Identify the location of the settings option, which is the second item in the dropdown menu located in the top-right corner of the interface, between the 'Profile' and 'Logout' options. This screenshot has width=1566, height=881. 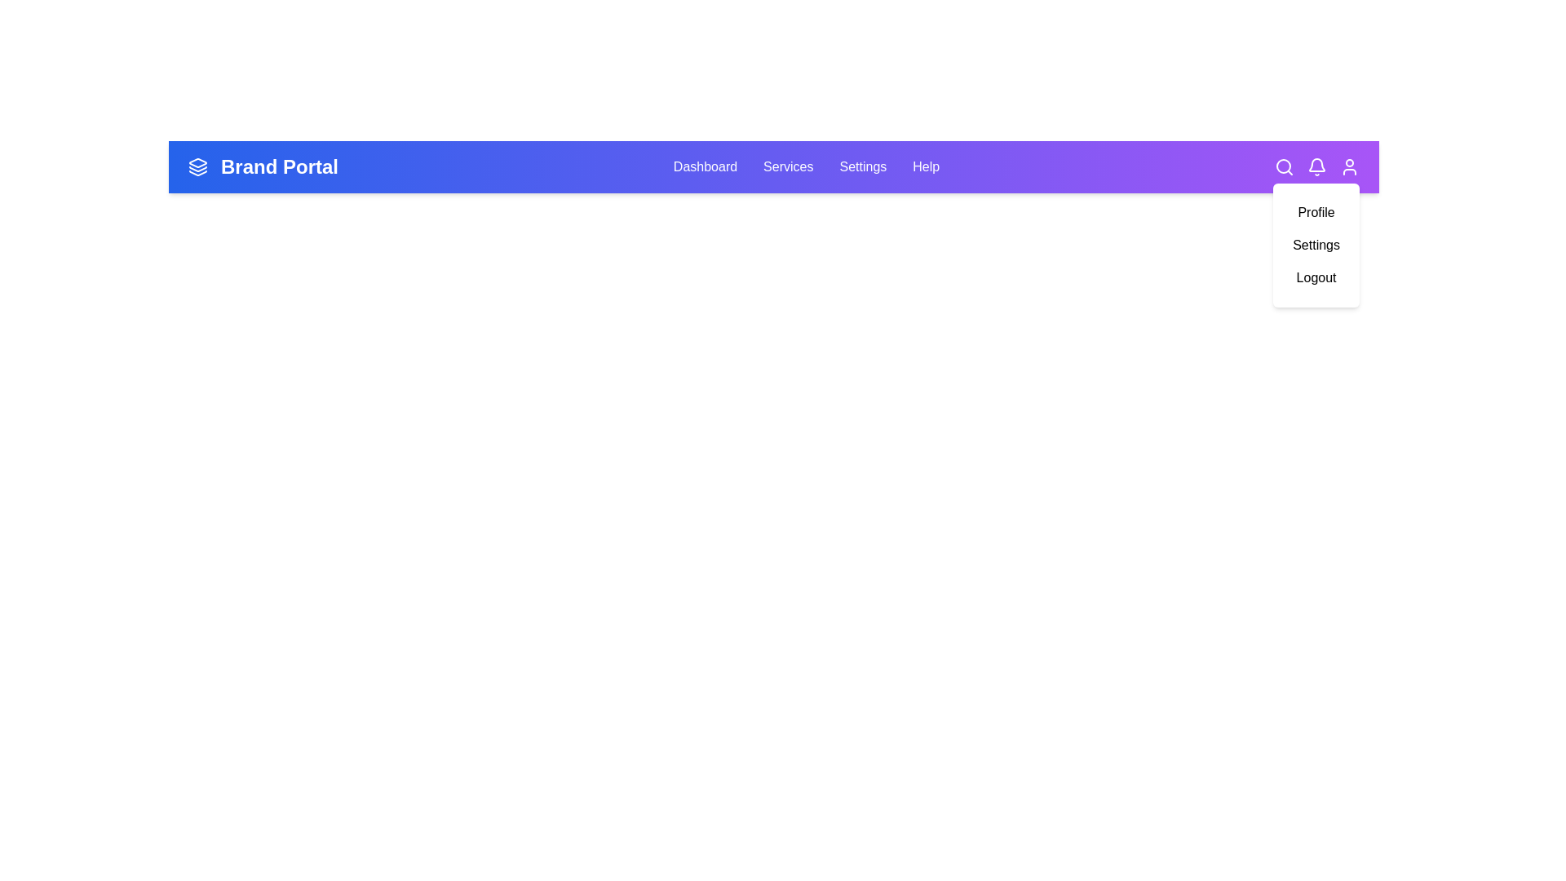
(1316, 245).